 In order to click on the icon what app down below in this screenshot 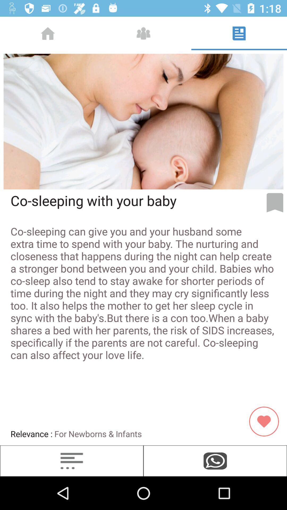, I will do `click(215, 461)`.